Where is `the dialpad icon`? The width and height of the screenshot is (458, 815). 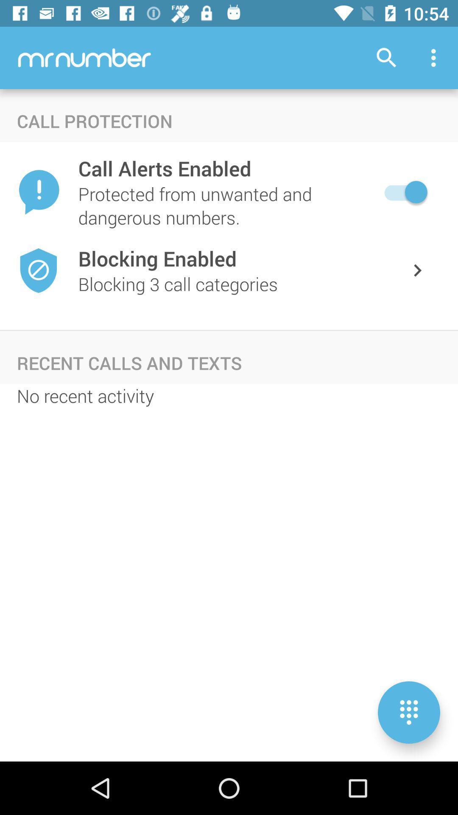
the dialpad icon is located at coordinates (408, 712).